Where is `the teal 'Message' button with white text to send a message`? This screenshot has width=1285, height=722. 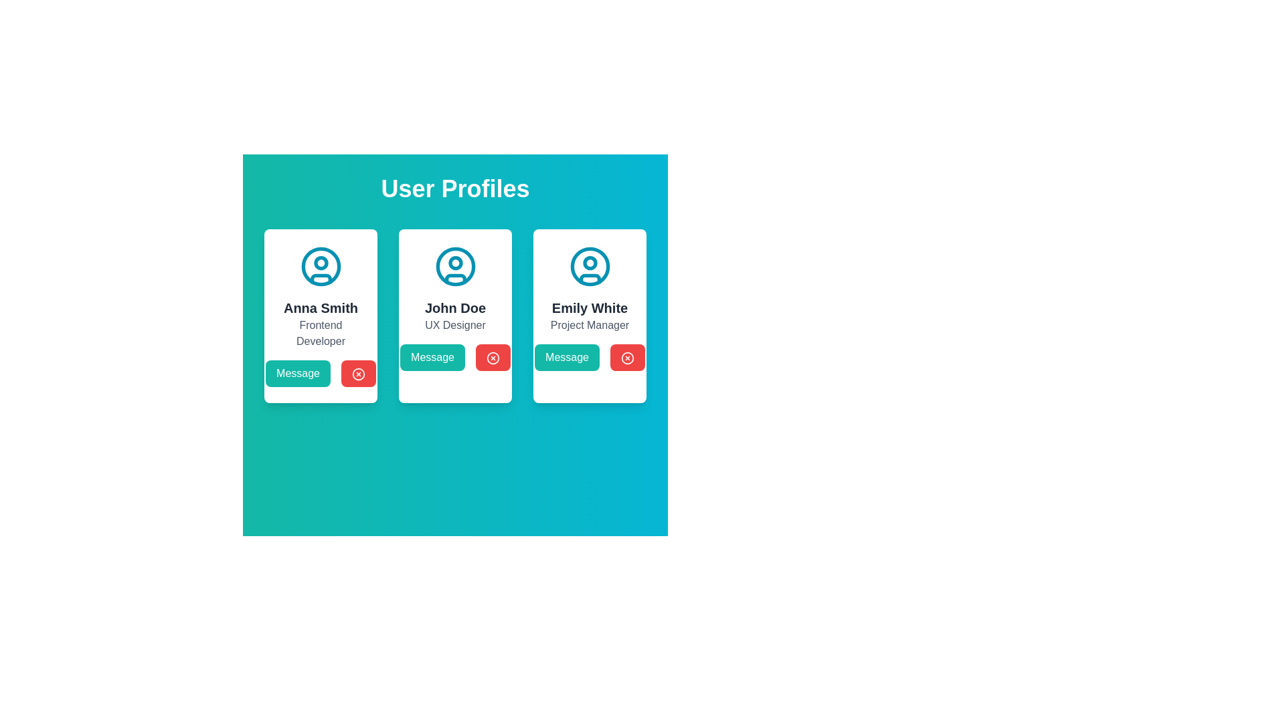
the teal 'Message' button with white text to send a message is located at coordinates (567, 357).